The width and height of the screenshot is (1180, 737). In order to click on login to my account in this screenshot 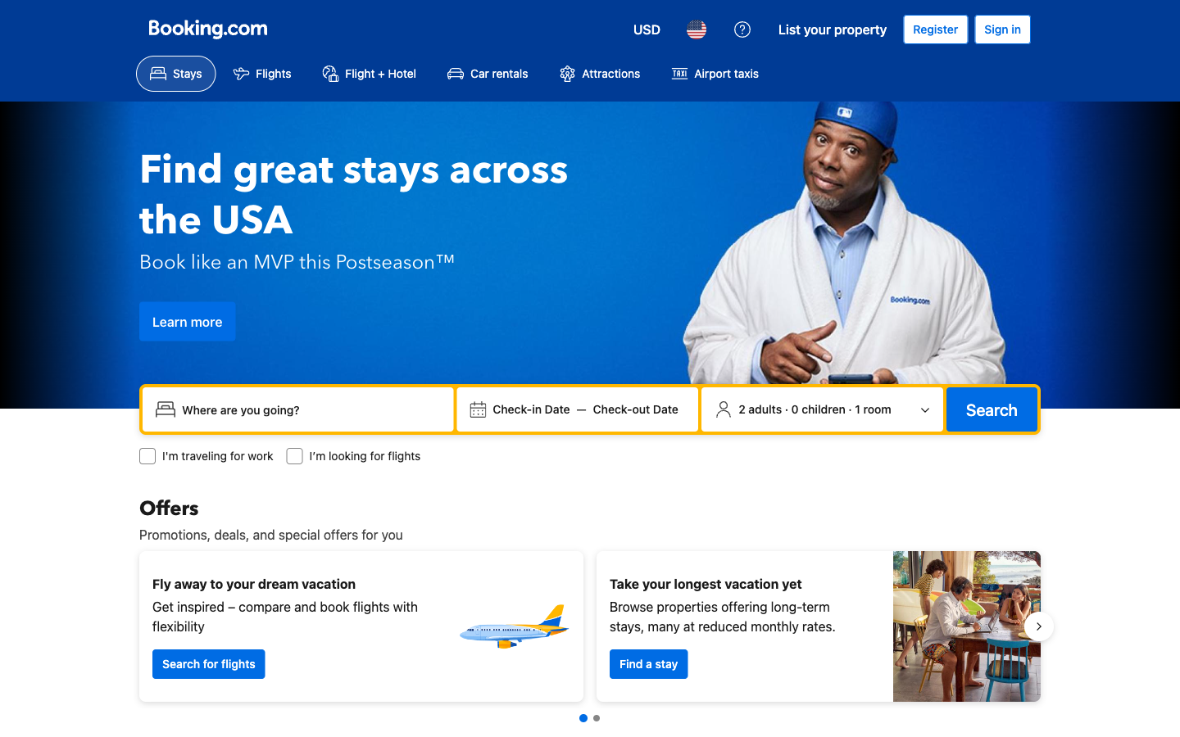, I will do `click(1001, 29)`.